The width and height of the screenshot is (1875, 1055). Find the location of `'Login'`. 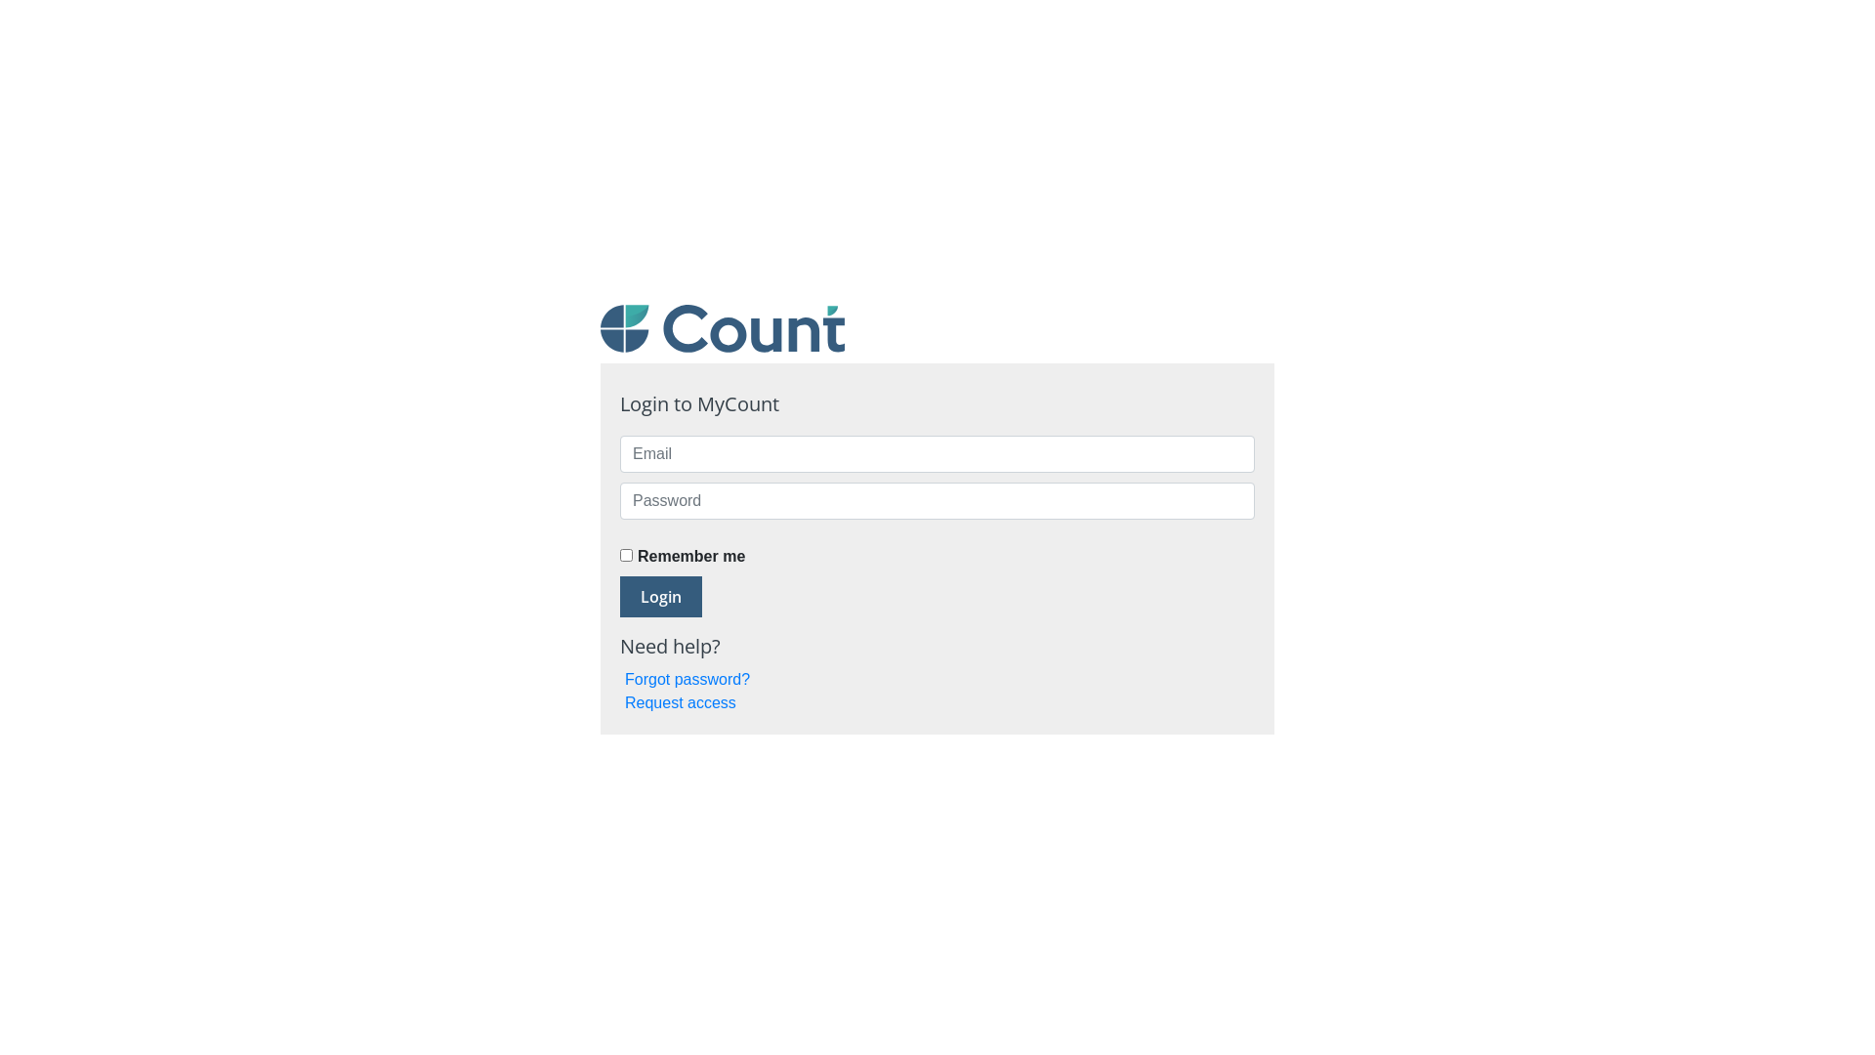

'Login' is located at coordinates (660, 595).